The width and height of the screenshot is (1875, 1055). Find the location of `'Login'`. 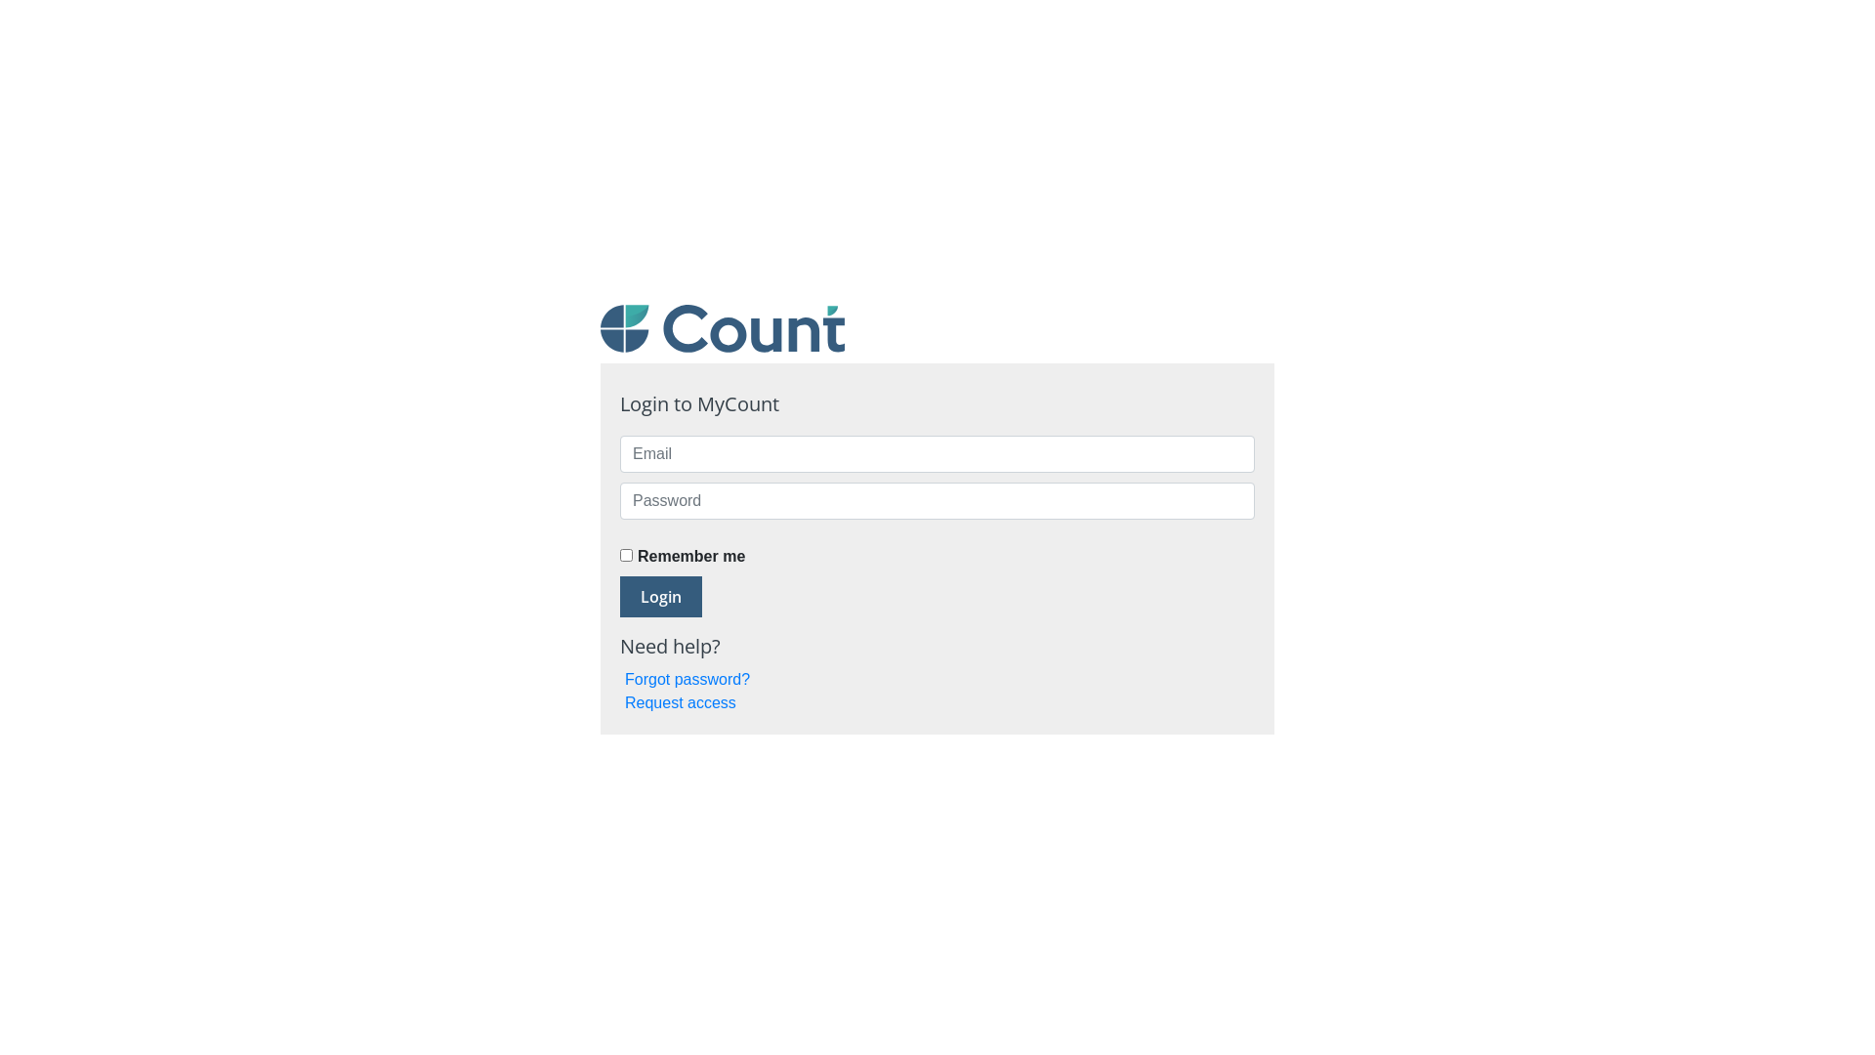

'Login' is located at coordinates (660, 595).